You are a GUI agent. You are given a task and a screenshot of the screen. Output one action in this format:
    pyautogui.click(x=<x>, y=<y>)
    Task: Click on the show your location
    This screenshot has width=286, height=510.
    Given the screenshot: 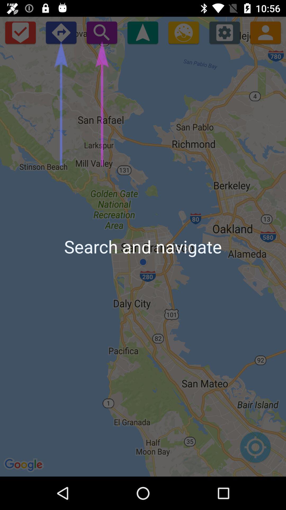 What is the action you would take?
    pyautogui.click(x=255, y=450)
    